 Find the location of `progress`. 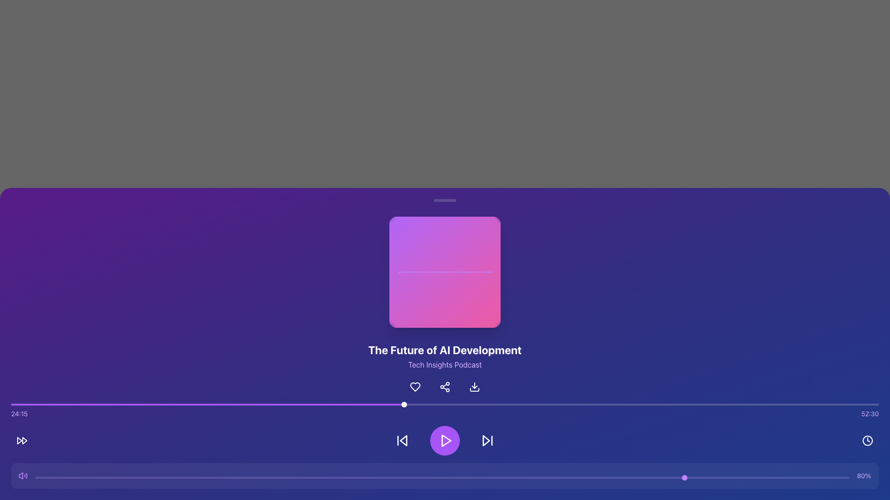

progress is located at coordinates (311, 404).